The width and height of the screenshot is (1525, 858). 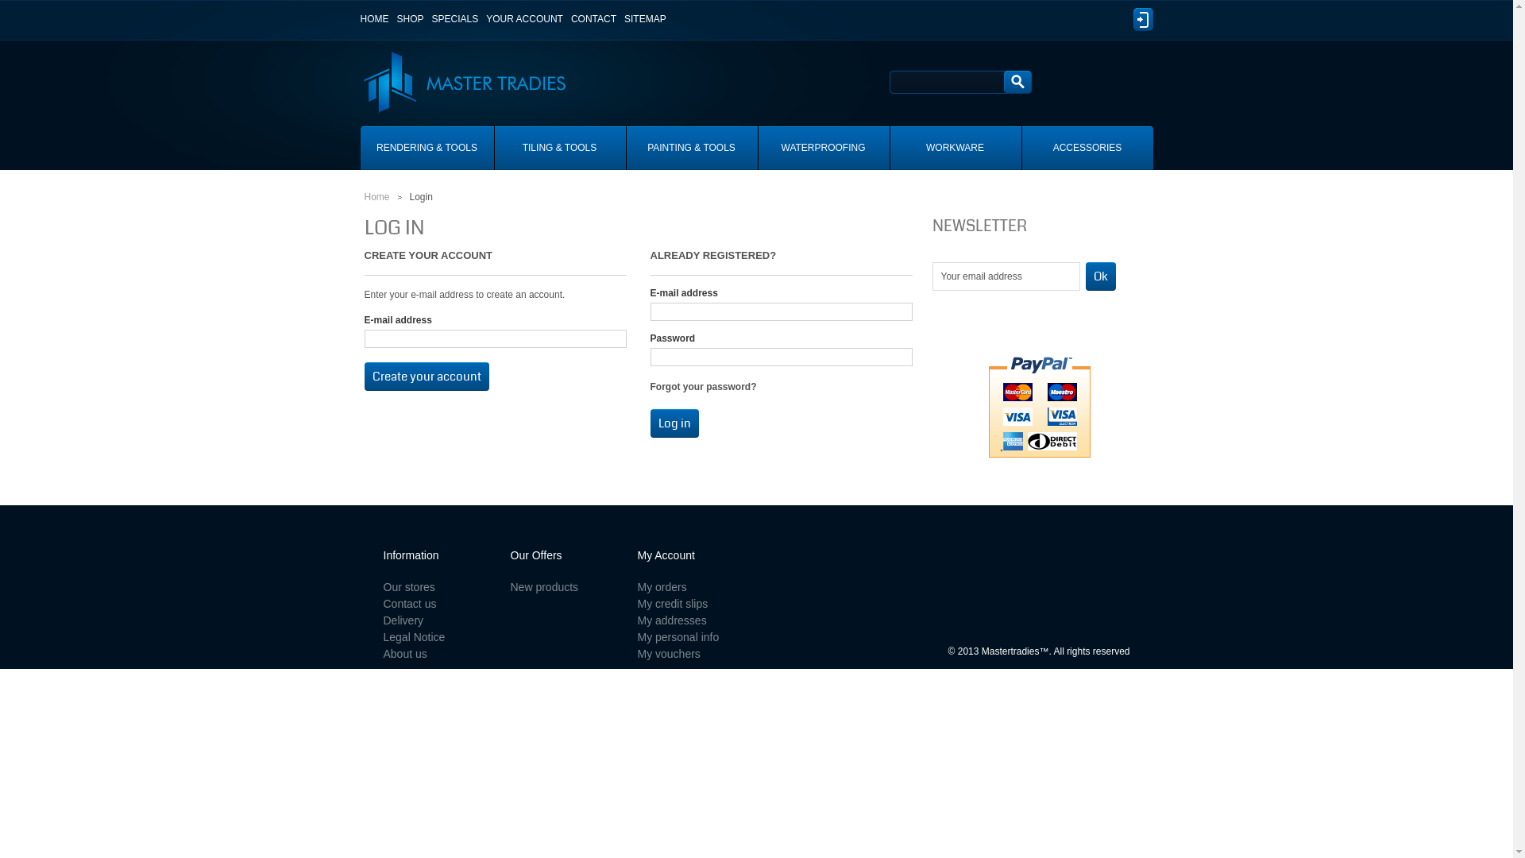 I want to click on 'My credit slips', so click(x=672, y=603).